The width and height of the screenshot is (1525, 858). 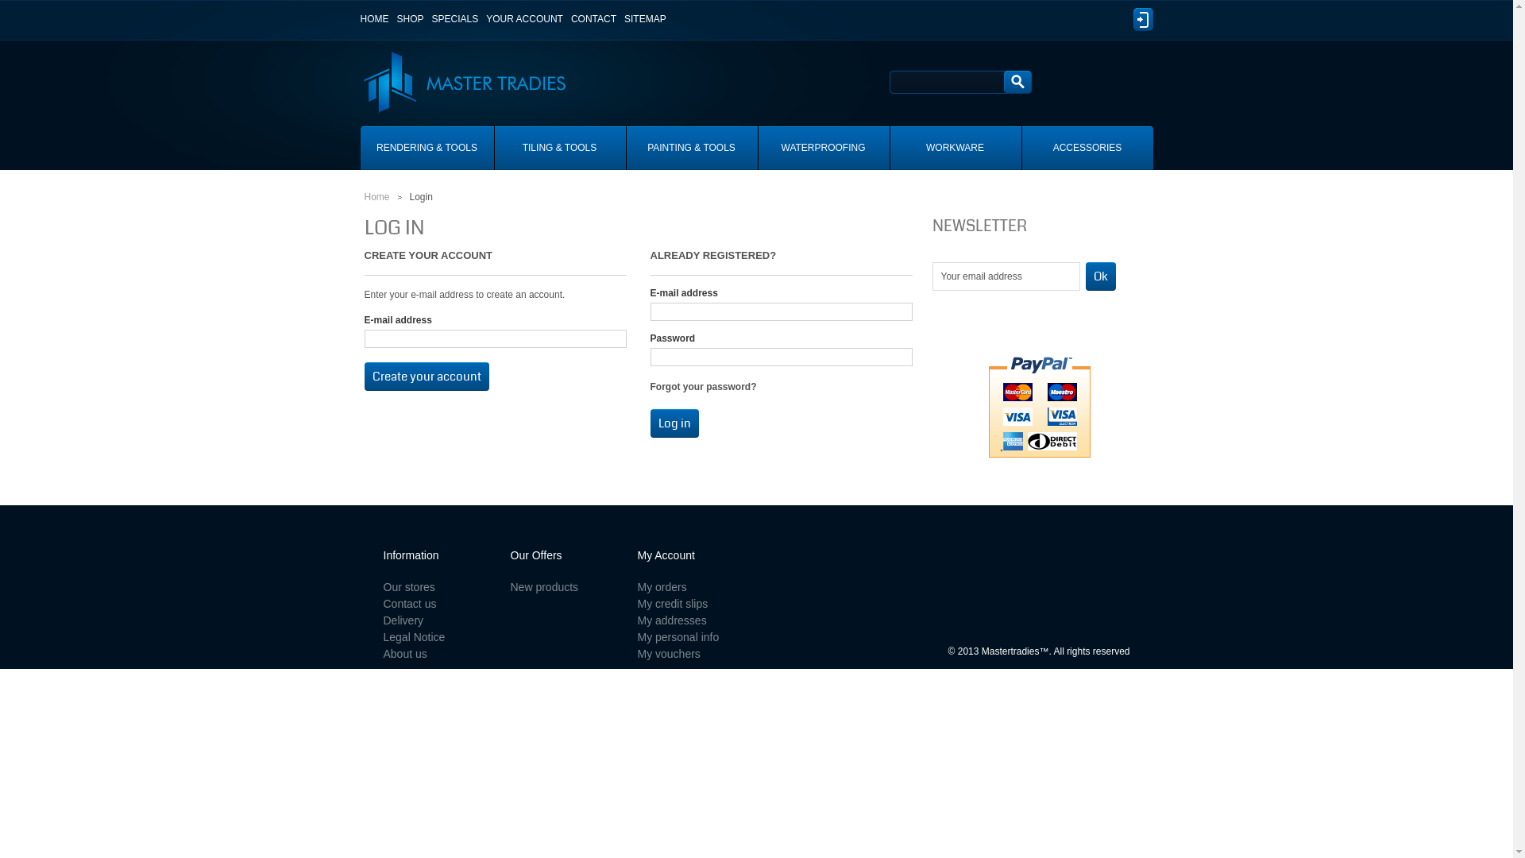 I want to click on 'My credit slips', so click(x=672, y=603).